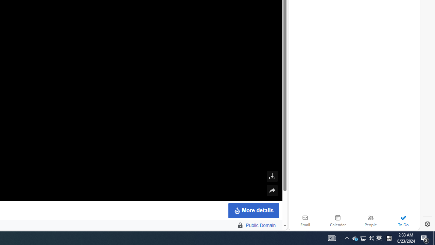 This screenshot has width=435, height=245. I want to click on 'Share or embed this file', so click(272, 191).